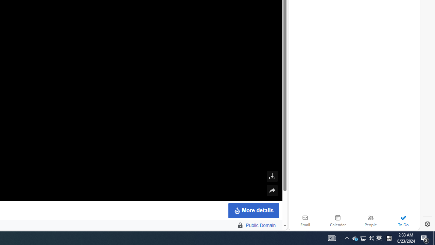 This screenshot has width=435, height=245. I want to click on 'Share or embed this file', so click(272, 191).